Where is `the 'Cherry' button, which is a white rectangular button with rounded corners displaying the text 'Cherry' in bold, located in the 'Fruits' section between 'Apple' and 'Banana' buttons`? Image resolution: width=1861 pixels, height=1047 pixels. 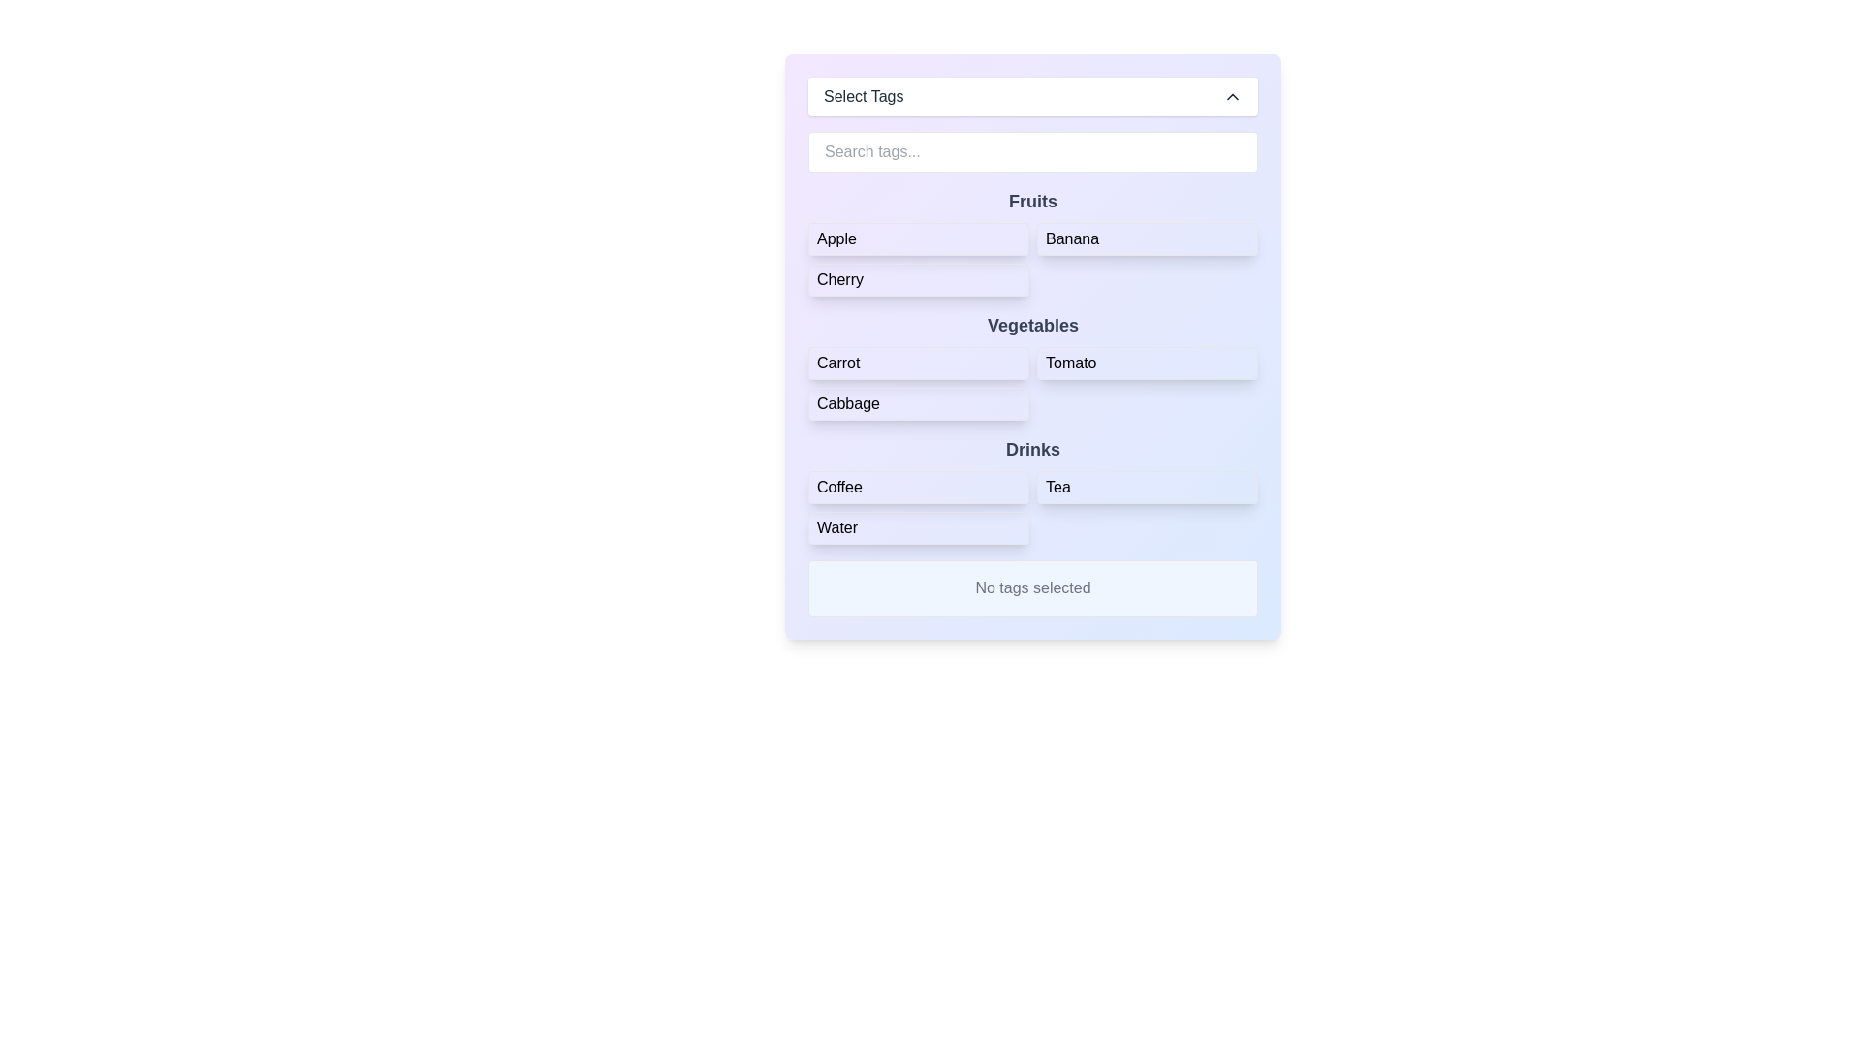
the 'Cherry' button, which is a white rectangular button with rounded corners displaying the text 'Cherry' in bold, located in the 'Fruits' section between 'Apple' and 'Banana' buttons is located at coordinates (840, 280).